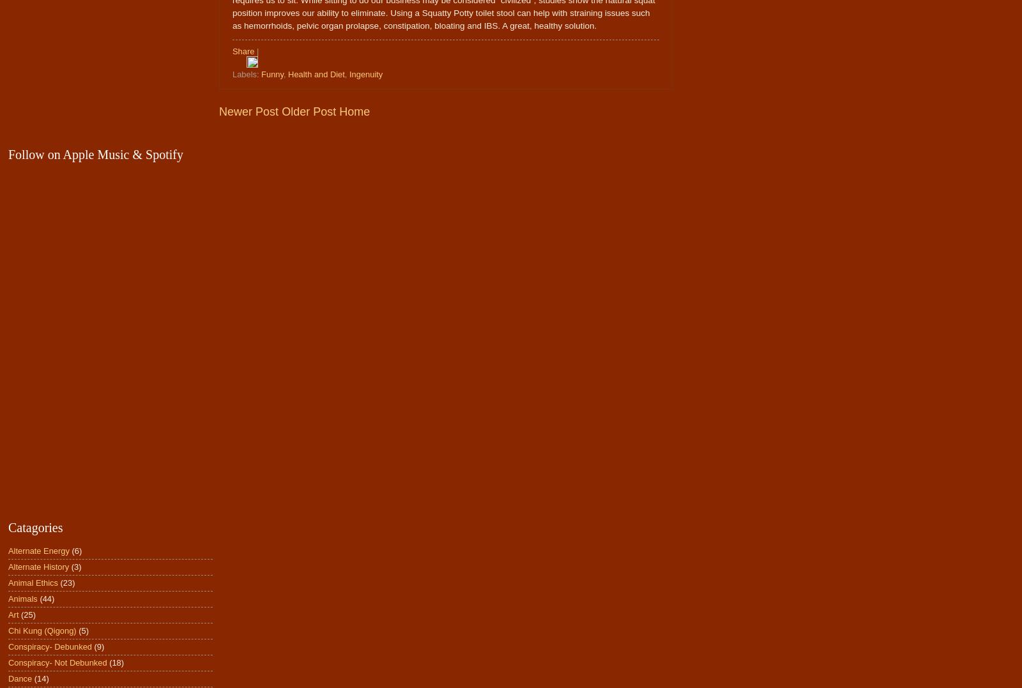 The image size is (1022, 688). I want to click on 'Animals', so click(22, 598).